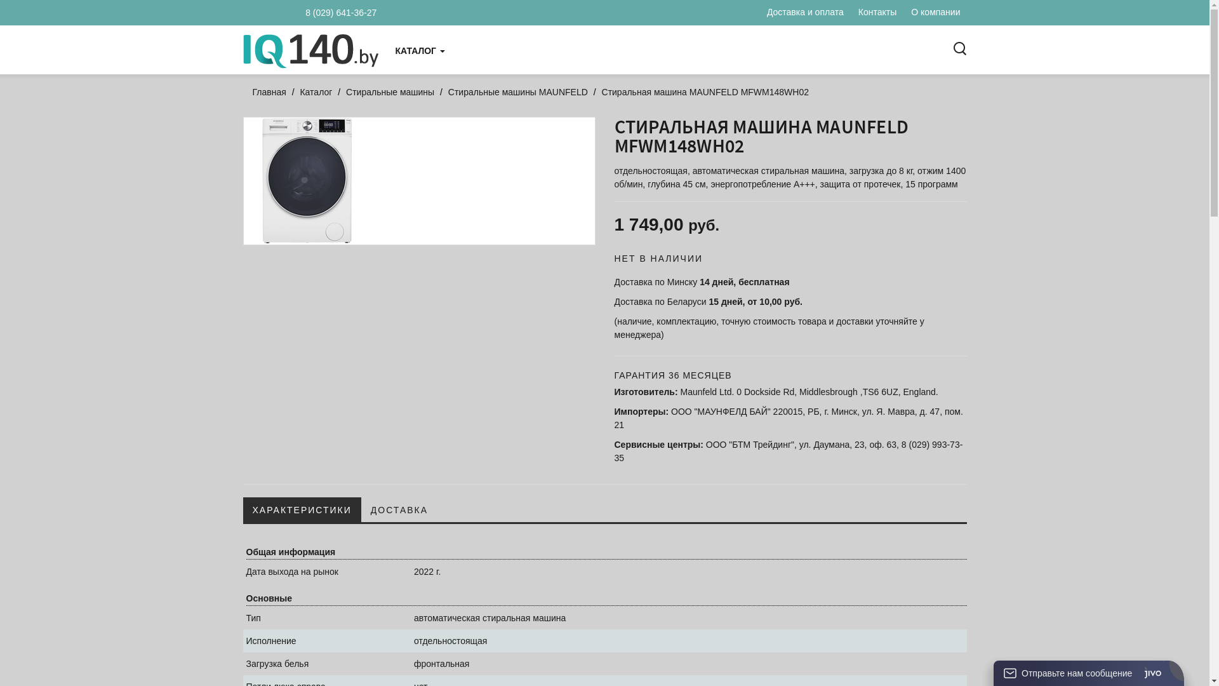  I want to click on '8 (029) 641-36-27', so click(330, 12).